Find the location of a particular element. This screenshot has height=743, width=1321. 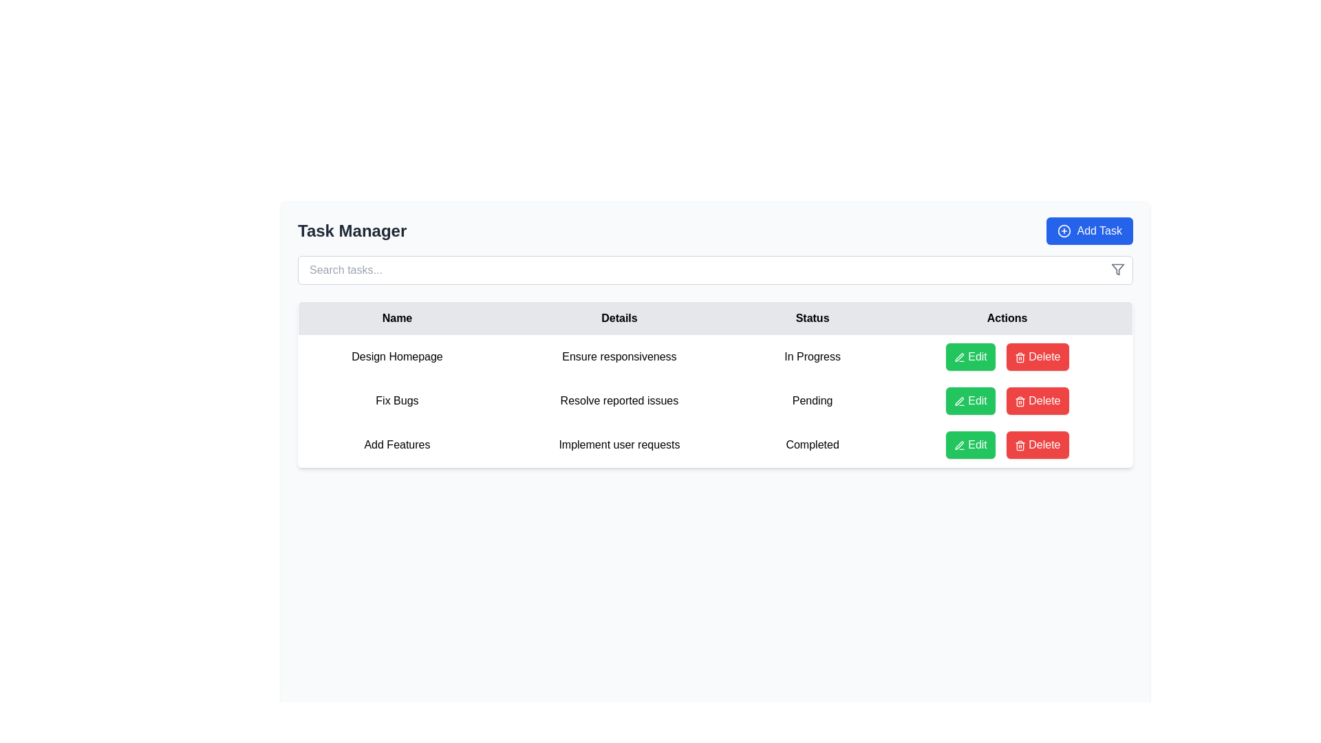

the Text label indicating the current status of the task 'Design Homepage', which is located in the third column of the first row in the table layout is located at coordinates (813, 356).